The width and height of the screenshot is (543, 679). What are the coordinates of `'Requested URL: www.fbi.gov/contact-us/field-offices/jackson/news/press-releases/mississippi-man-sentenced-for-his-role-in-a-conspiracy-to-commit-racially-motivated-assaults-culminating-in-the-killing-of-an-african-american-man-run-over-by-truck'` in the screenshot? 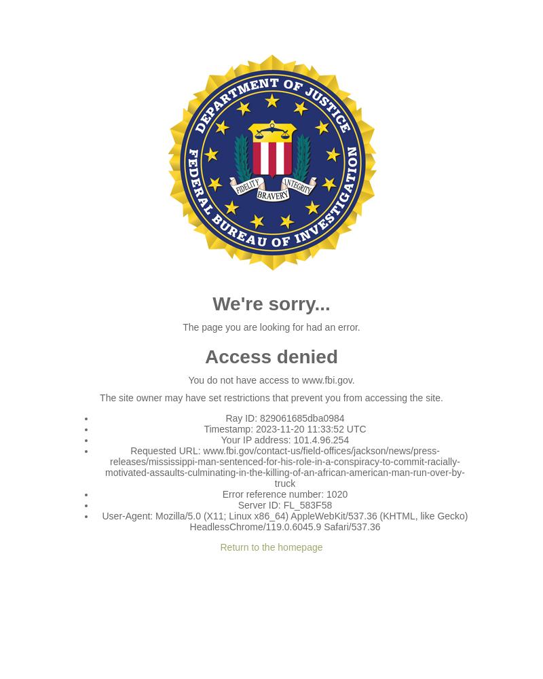 It's located at (105, 467).